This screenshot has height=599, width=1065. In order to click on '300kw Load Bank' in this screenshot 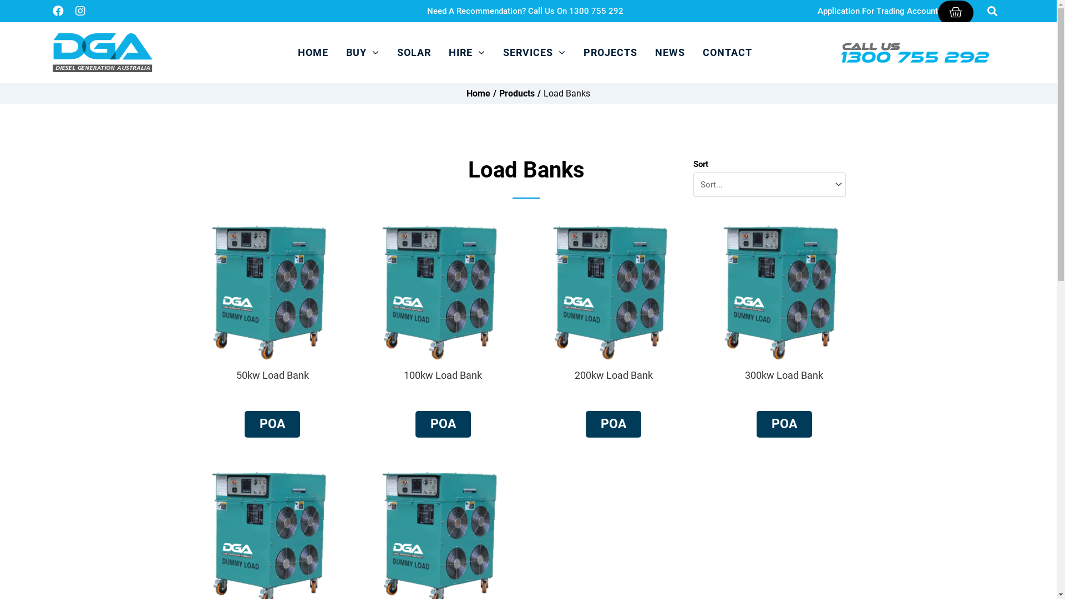, I will do `click(783, 374)`.